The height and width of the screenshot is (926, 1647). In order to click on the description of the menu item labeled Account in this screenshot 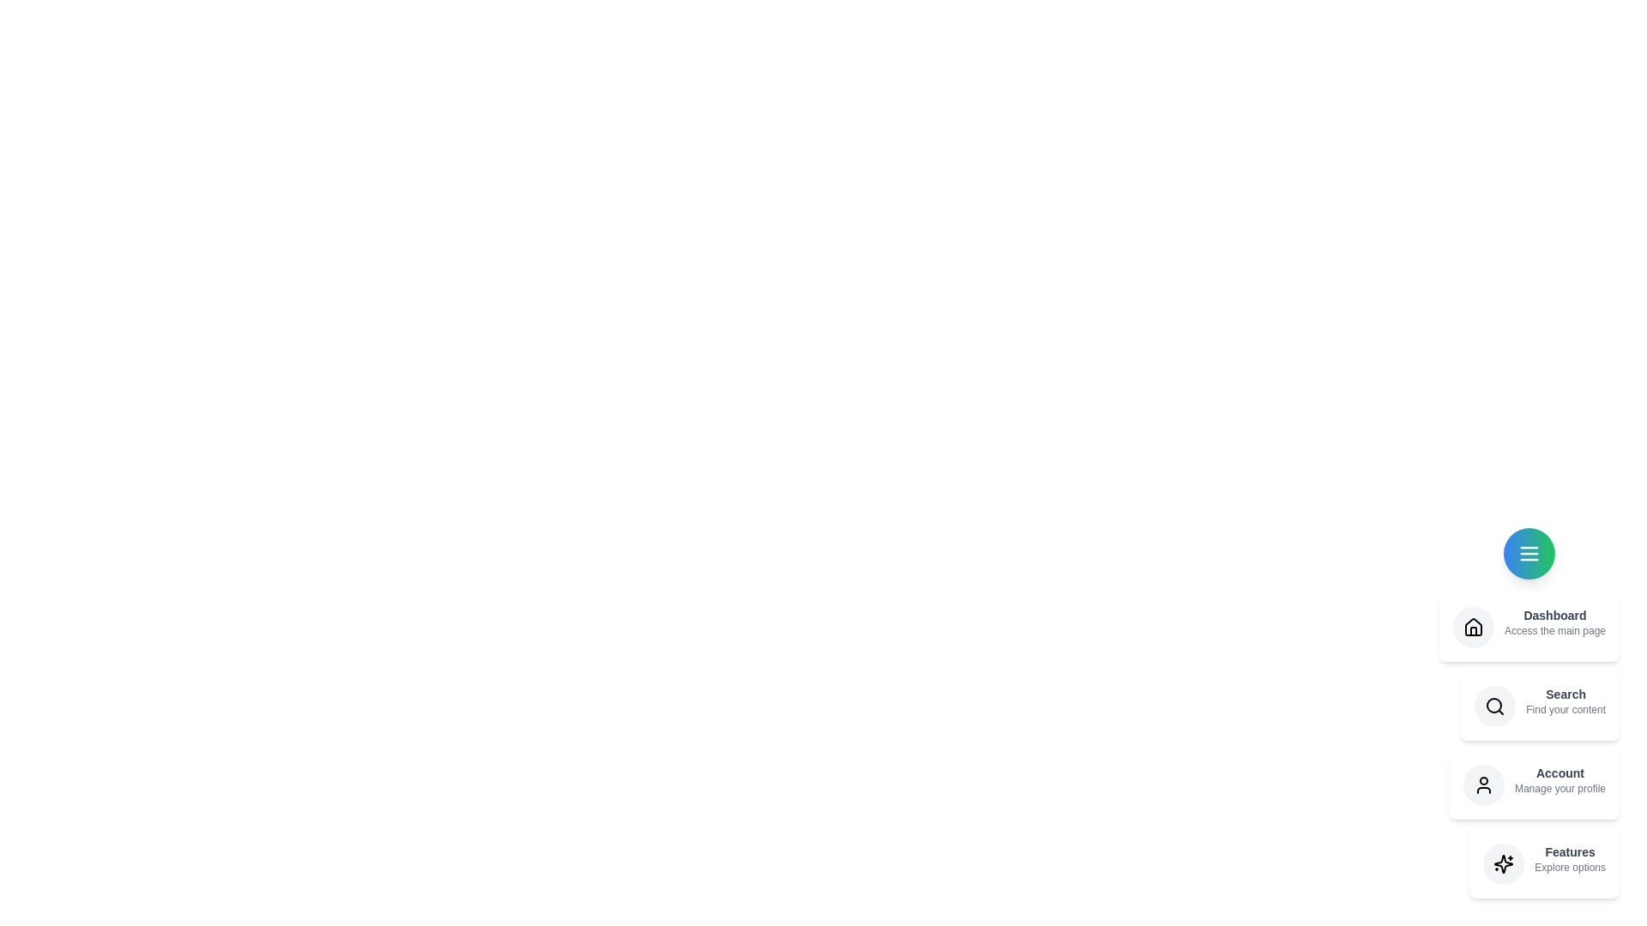, I will do `click(1560, 780)`.